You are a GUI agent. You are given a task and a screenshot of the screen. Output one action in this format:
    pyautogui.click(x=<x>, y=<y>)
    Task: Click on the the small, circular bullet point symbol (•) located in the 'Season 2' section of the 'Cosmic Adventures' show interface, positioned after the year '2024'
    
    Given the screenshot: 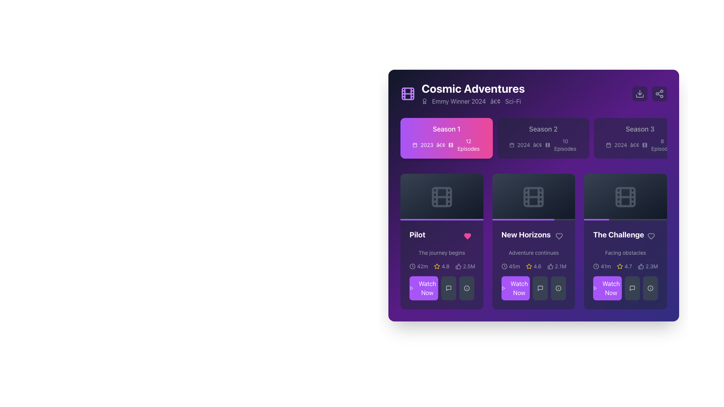 What is the action you would take?
    pyautogui.click(x=537, y=145)
    